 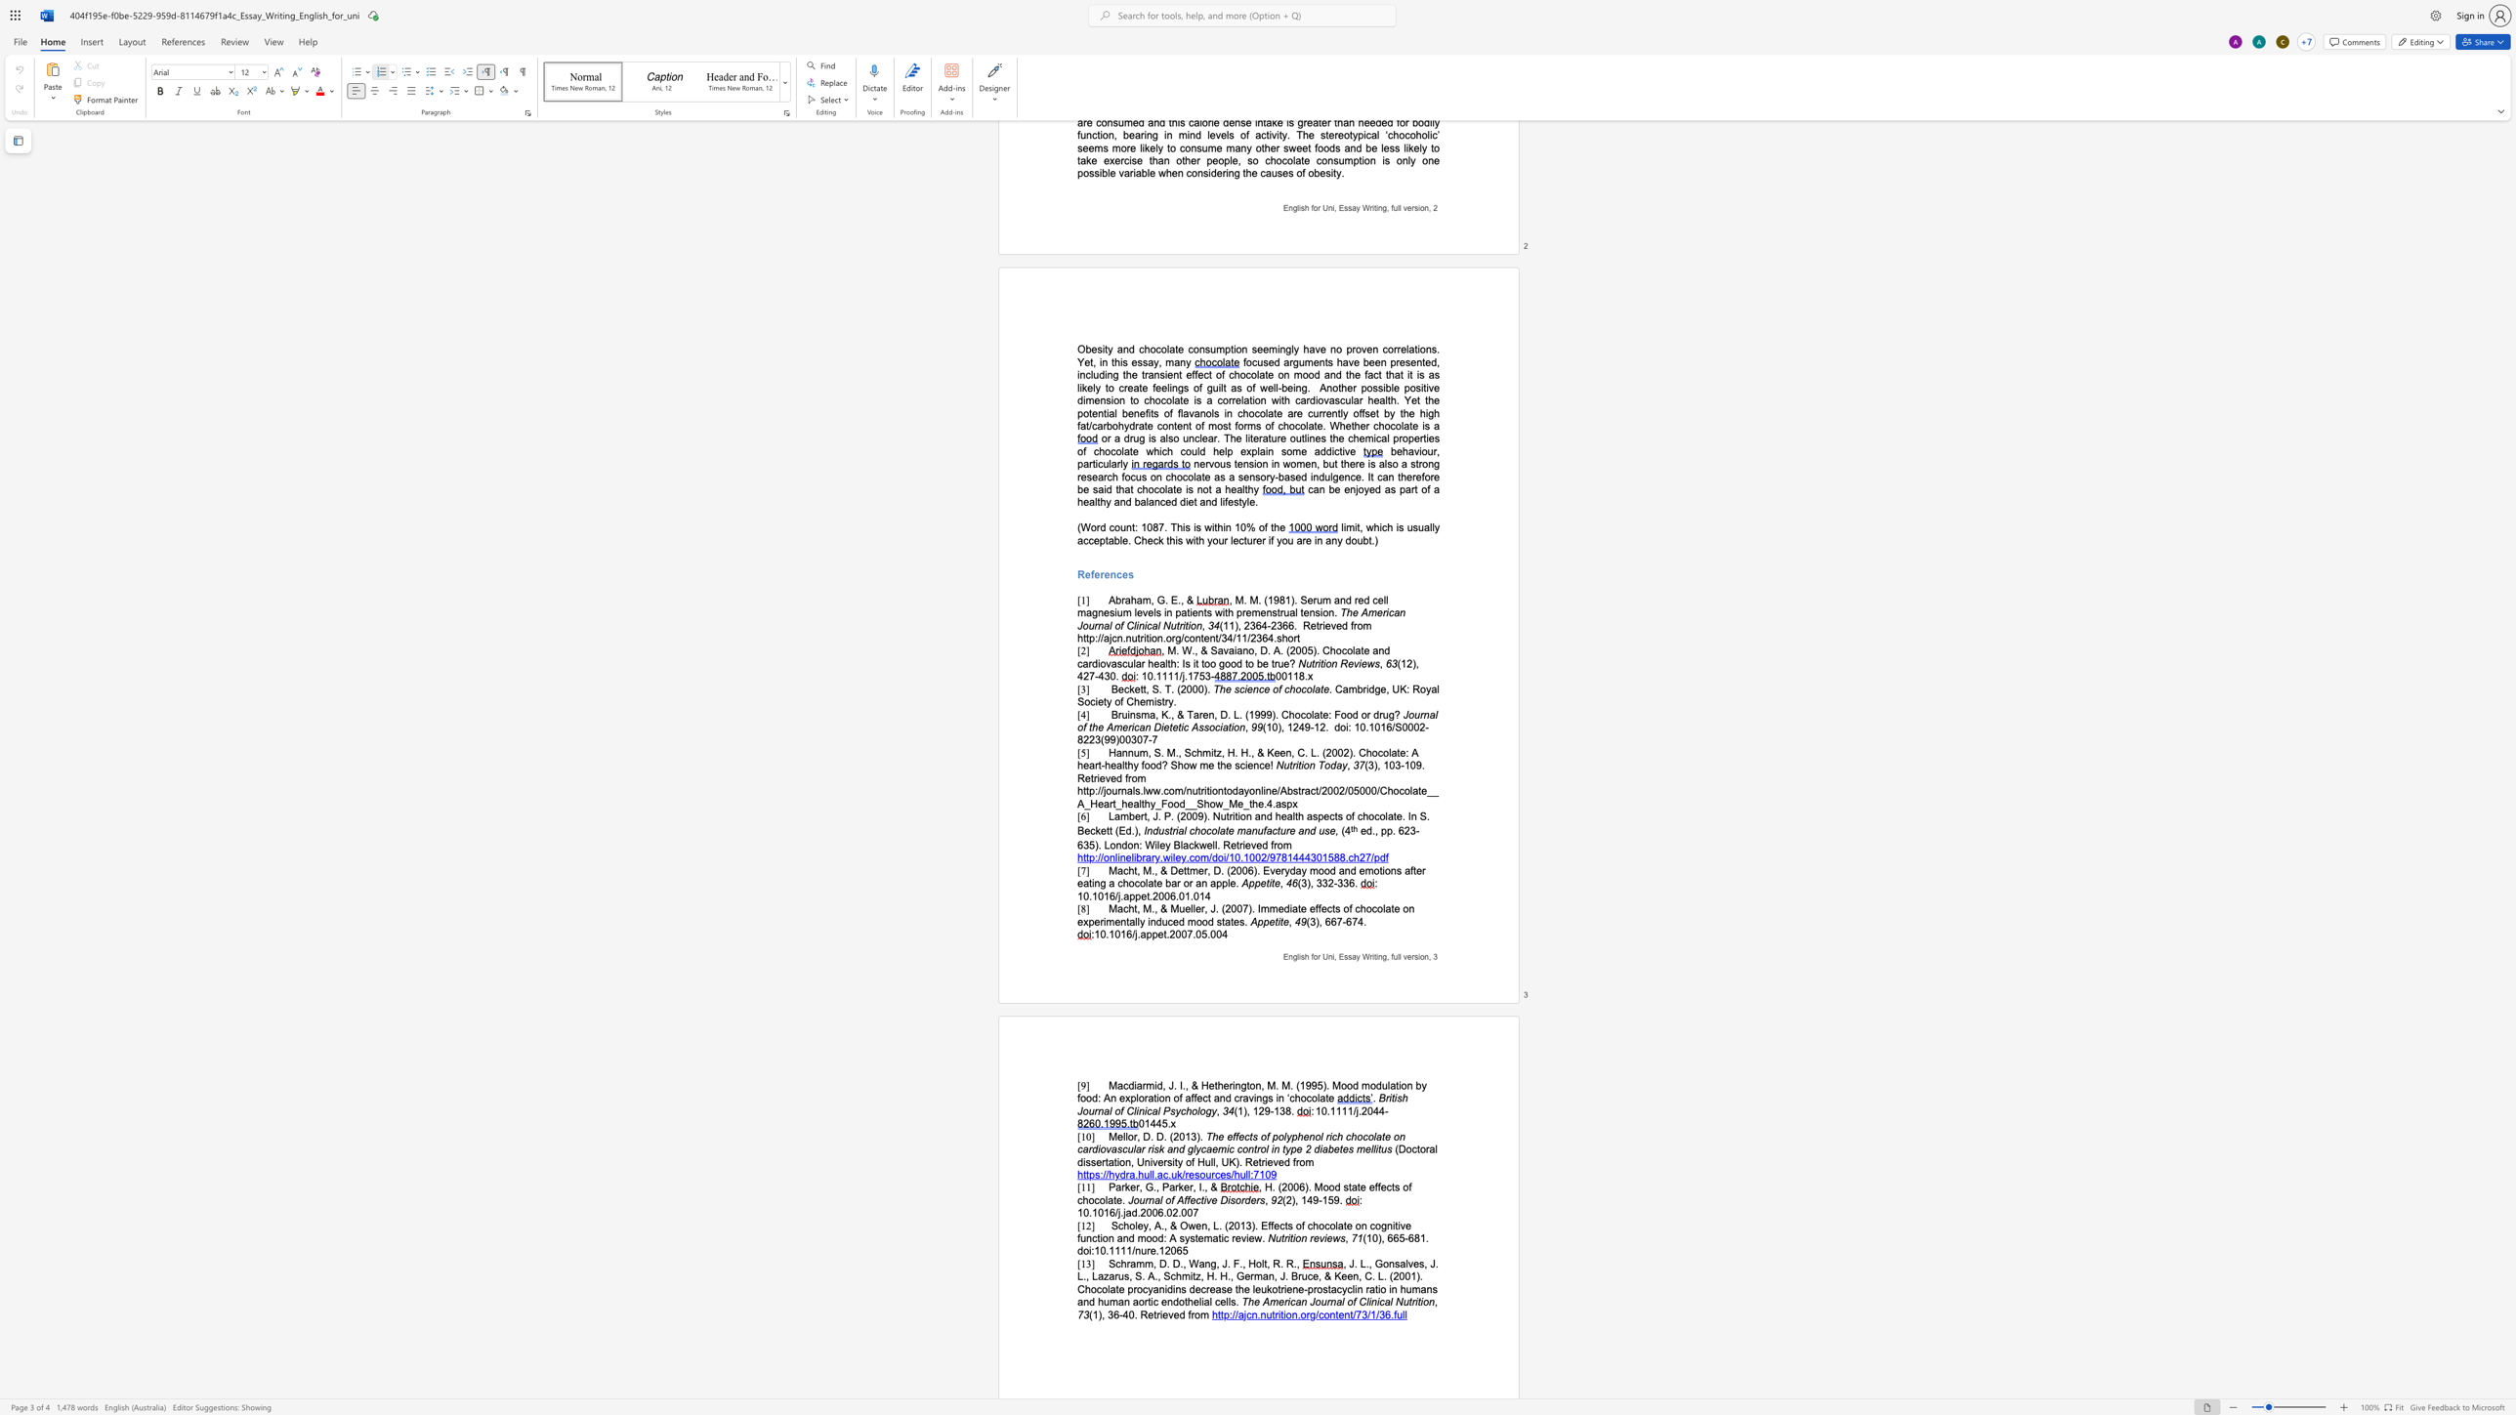 What do you see at coordinates (1347, 1289) in the screenshot?
I see `the space between the continuous character "y" and "c" in the text` at bounding box center [1347, 1289].